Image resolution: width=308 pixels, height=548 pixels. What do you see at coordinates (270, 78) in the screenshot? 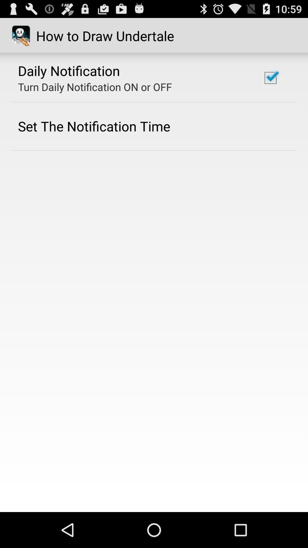
I see `the app next to the turn daily notification` at bounding box center [270, 78].